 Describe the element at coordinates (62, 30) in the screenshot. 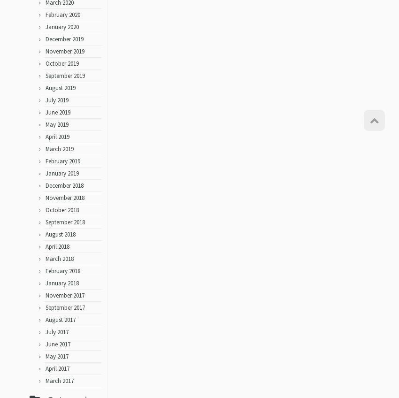

I see `'January 2020'` at that location.